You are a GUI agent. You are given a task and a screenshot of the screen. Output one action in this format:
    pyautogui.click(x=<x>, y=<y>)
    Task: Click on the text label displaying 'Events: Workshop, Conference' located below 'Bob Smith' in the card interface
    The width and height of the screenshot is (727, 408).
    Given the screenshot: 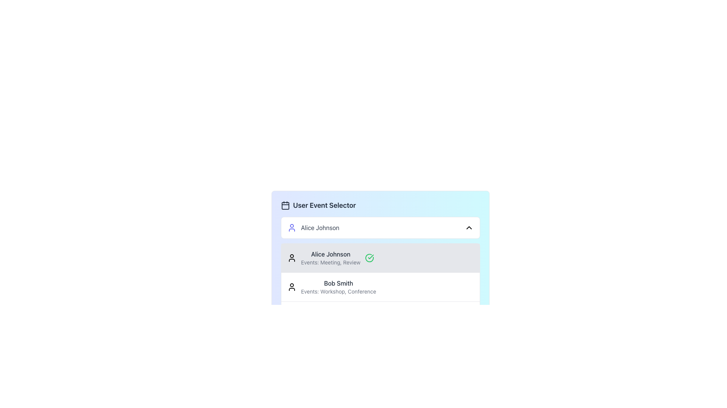 What is the action you would take?
    pyautogui.click(x=338, y=291)
    